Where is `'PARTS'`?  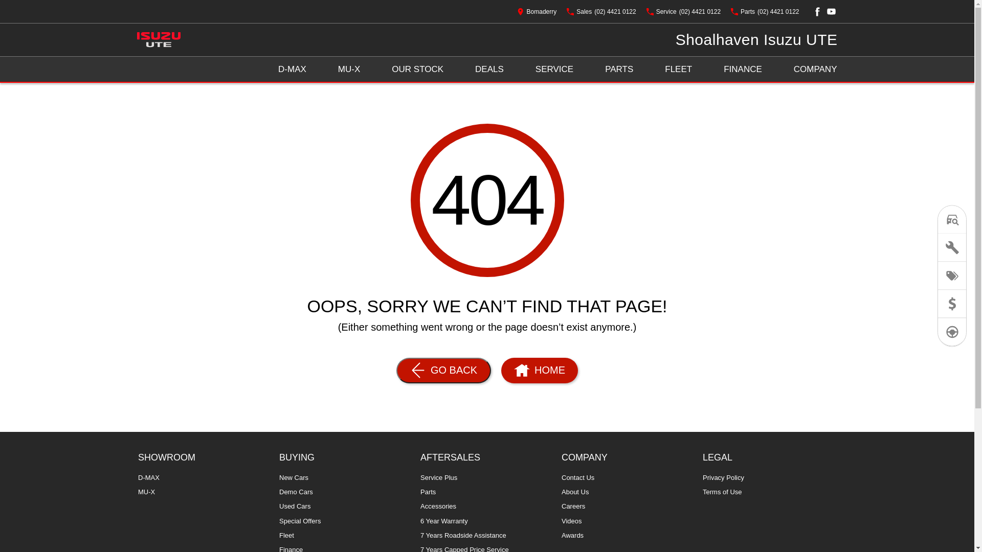 'PARTS' is located at coordinates (618, 69).